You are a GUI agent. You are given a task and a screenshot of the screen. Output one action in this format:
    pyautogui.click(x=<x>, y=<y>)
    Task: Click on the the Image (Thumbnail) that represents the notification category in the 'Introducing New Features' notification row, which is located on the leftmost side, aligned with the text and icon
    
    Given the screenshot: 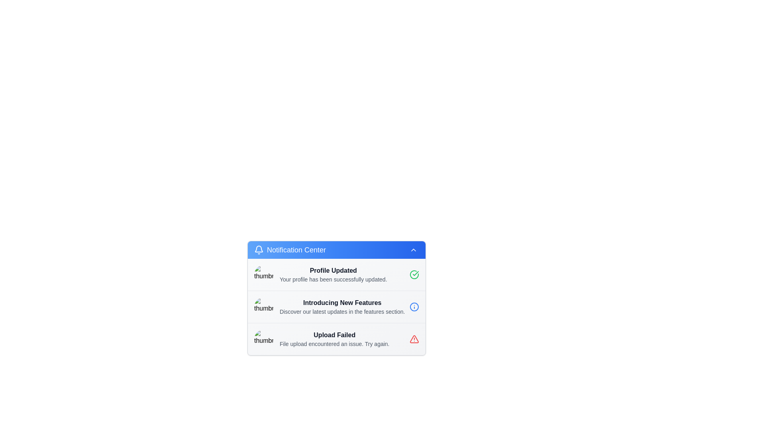 What is the action you would take?
    pyautogui.click(x=264, y=307)
    